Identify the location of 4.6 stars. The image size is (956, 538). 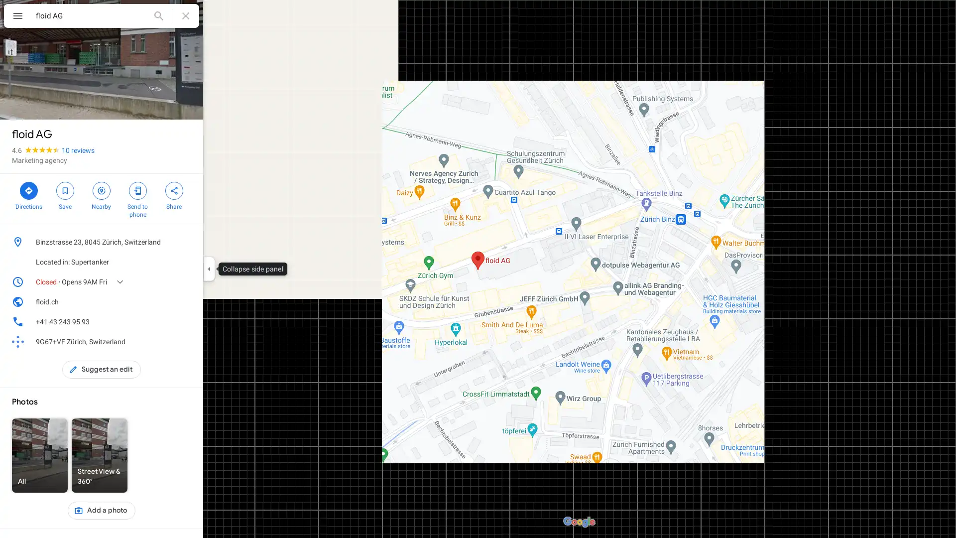
(36, 150).